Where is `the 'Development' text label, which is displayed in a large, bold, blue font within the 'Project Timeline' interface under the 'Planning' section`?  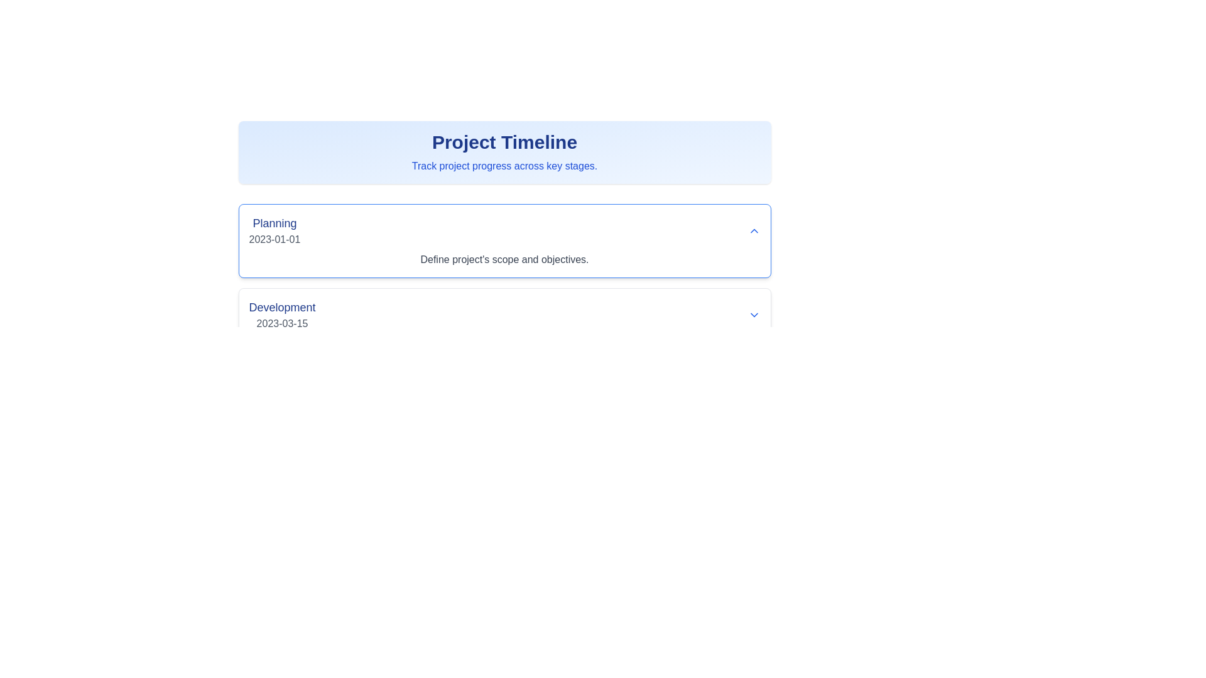
the 'Development' text label, which is displayed in a large, bold, blue font within the 'Project Timeline' interface under the 'Planning' section is located at coordinates (281, 307).